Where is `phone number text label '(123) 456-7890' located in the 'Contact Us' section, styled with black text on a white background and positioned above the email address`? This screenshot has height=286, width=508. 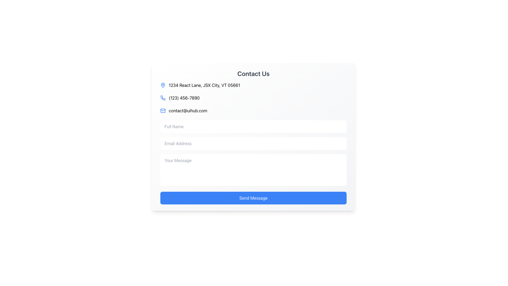 phone number text label '(123) 456-7890' located in the 'Contact Us' section, styled with black text on a white background and positioned above the email address is located at coordinates (184, 98).